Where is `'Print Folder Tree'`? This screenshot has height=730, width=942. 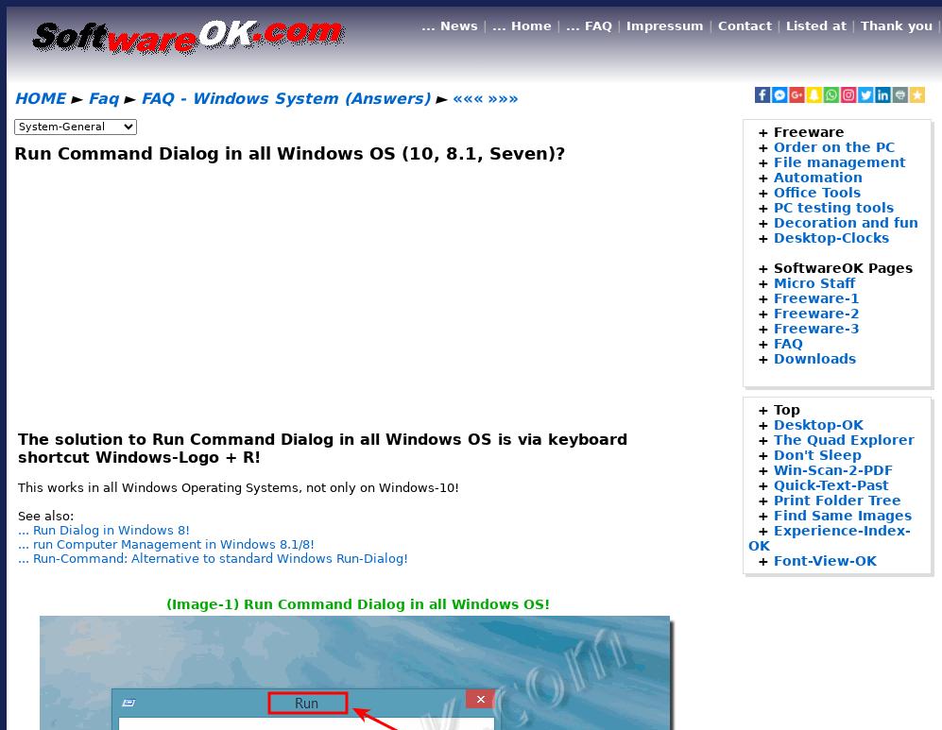 'Print Folder Tree' is located at coordinates (836, 498).